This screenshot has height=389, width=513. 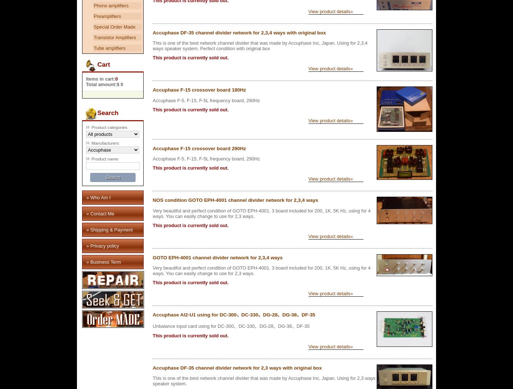 What do you see at coordinates (102, 246) in the screenshot?
I see `'» Privacy policy'` at bounding box center [102, 246].